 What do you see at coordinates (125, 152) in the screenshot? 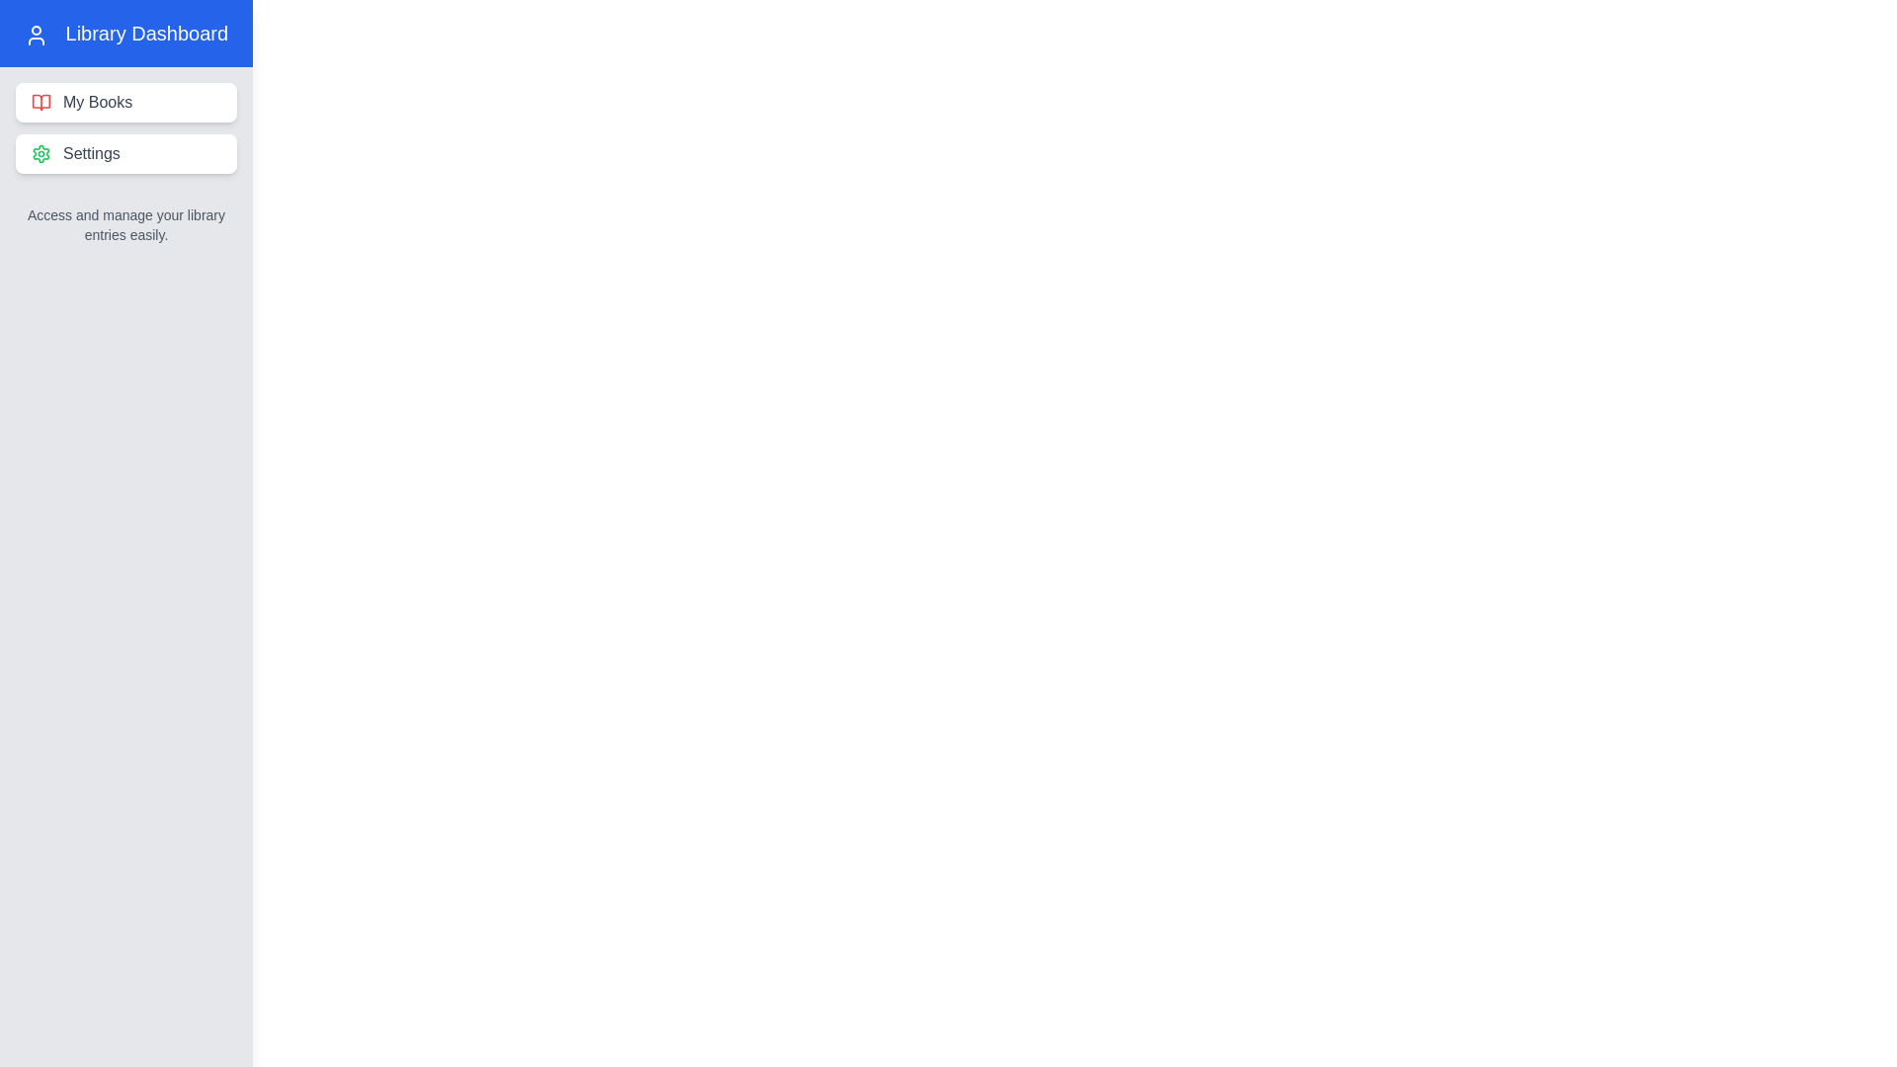
I see `the 'Settings' button in the drawer` at bounding box center [125, 152].